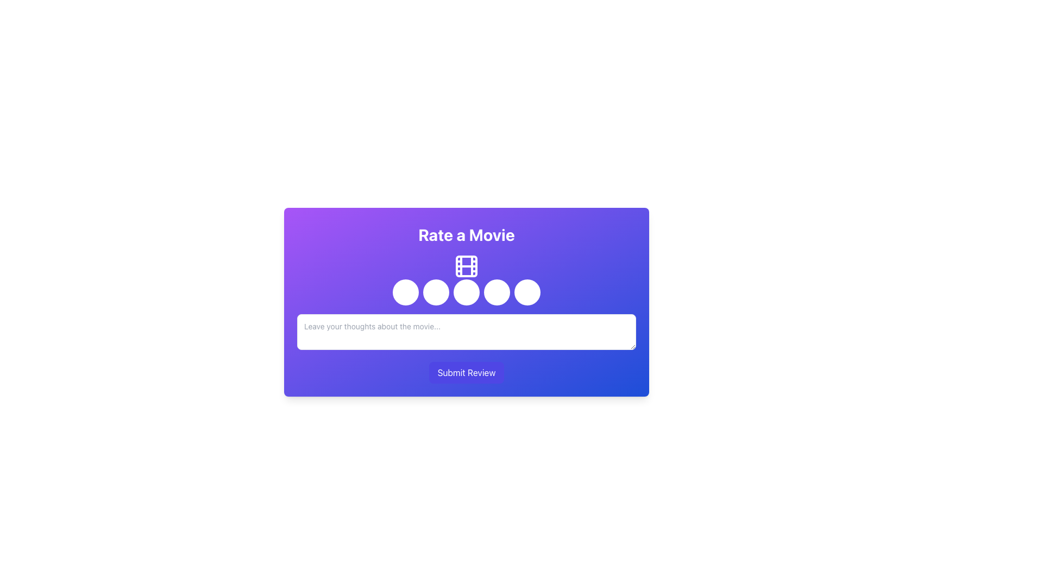 Image resolution: width=1043 pixels, height=586 pixels. I want to click on the third circular rating button, which has a white background and is located below the 'Rate a Movie' text, so click(467, 302).